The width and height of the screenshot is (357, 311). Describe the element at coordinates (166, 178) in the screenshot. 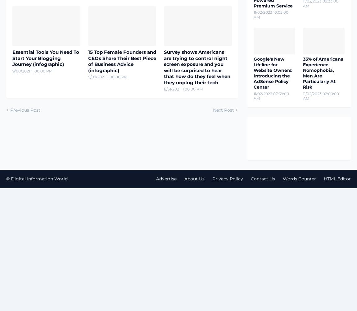

I see `'Advertise'` at that location.